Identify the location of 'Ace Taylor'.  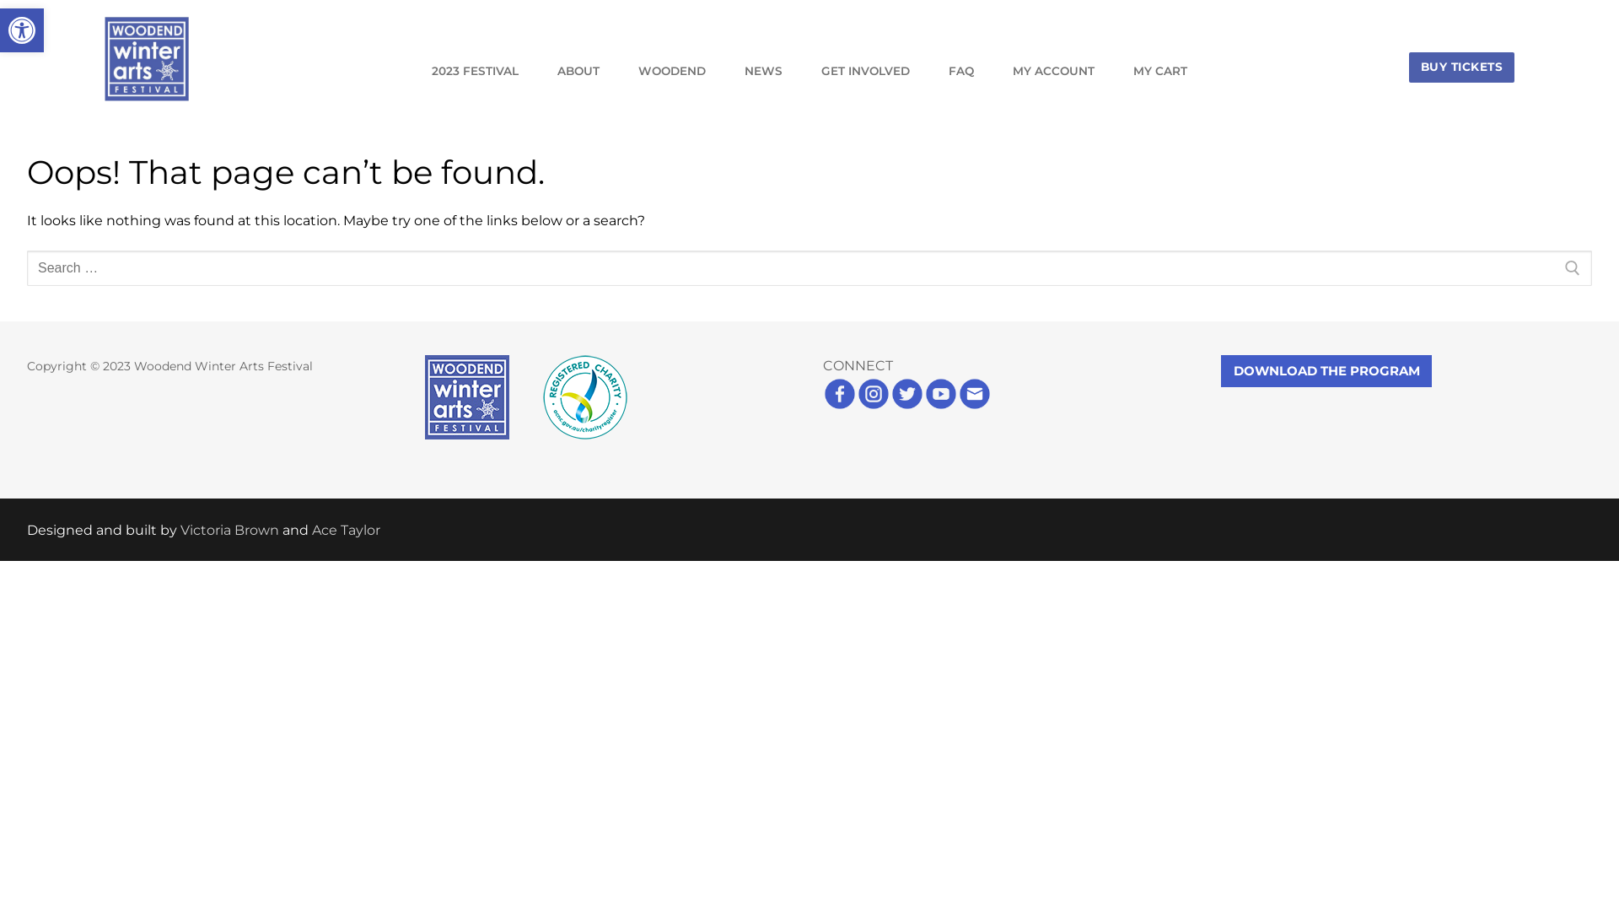
(345, 529).